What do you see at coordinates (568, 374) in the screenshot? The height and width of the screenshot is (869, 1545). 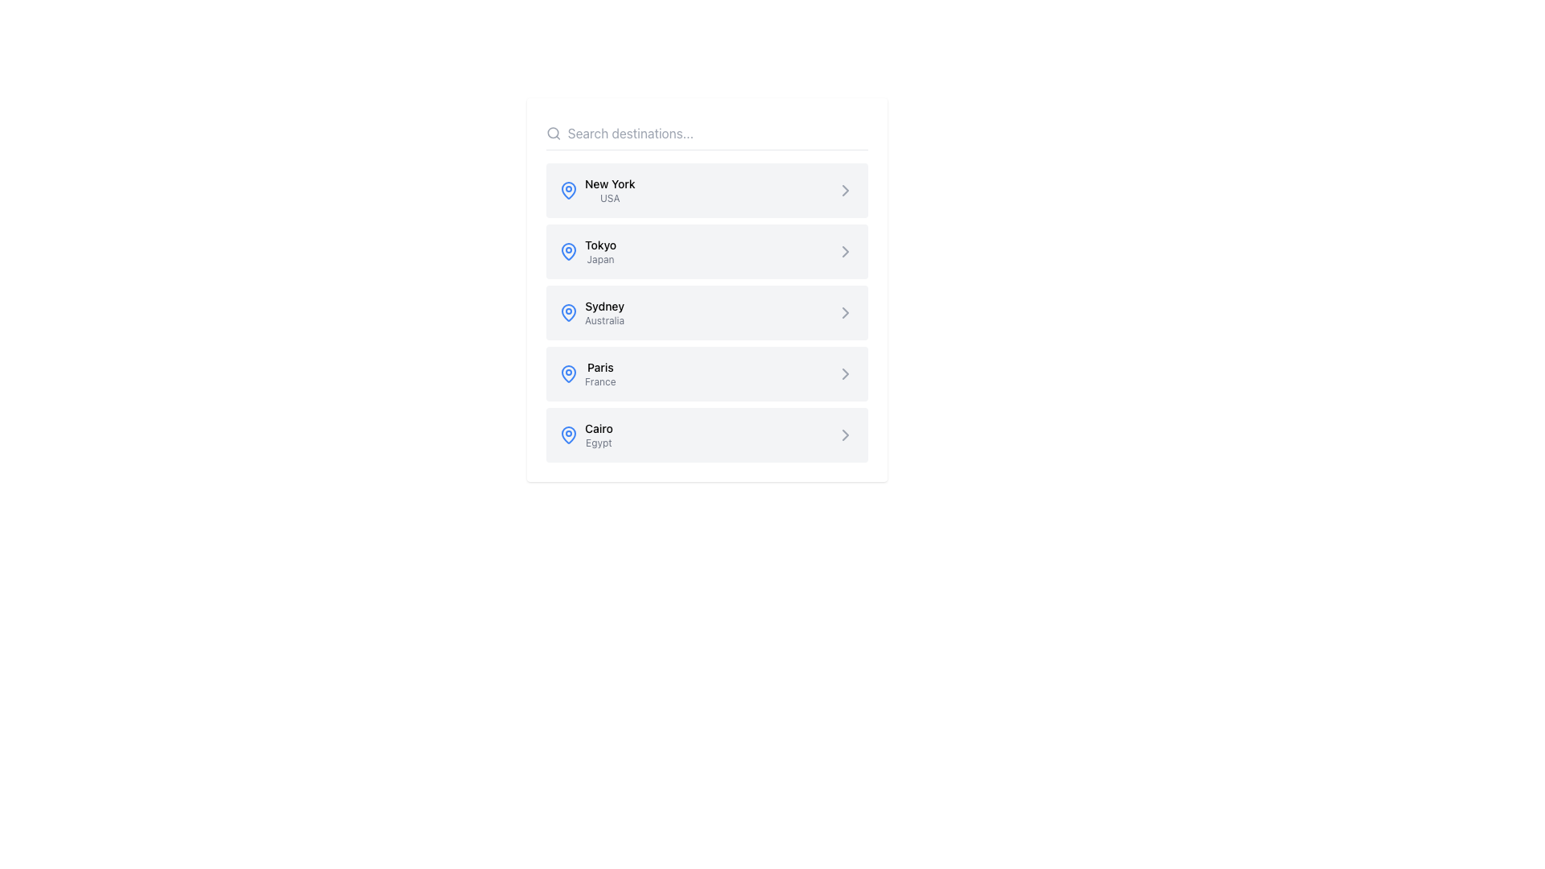 I see `the blue map pin icon located to the left of the 'Paris' text` at bounding box center [568, 374].